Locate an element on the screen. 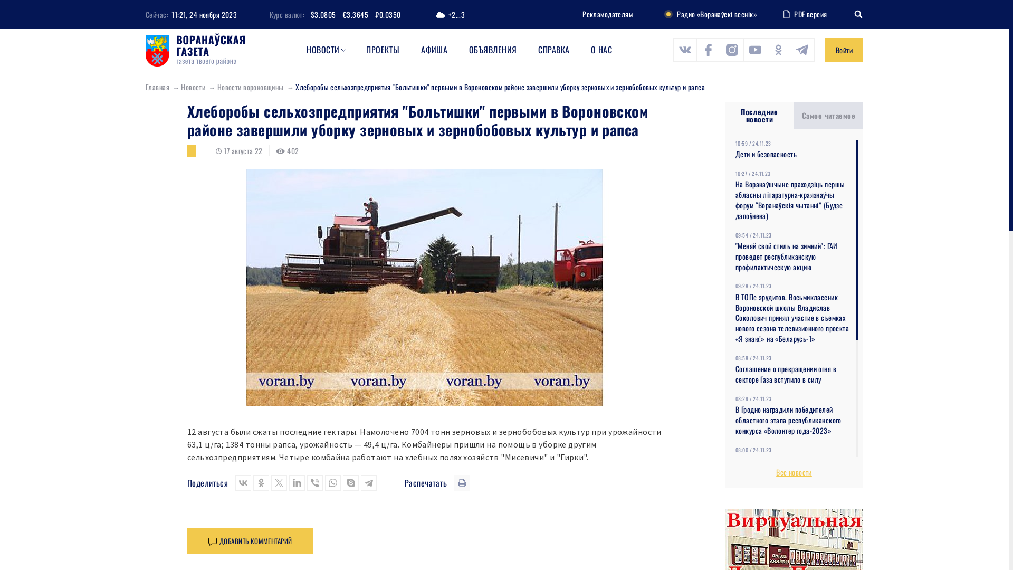 This screenshot has height=570, width=1013. 'Twitter' is located at coordinates (279, 482).